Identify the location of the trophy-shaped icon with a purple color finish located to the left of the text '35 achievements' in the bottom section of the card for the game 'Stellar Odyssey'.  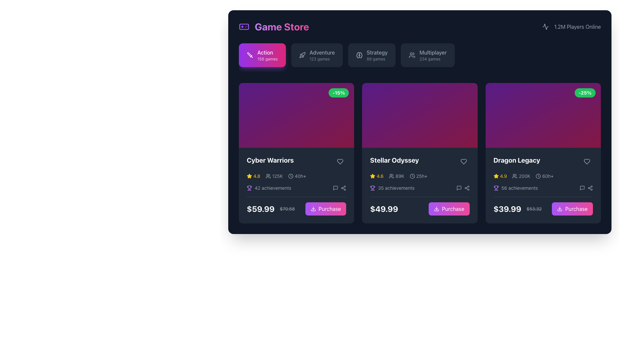
(373, 188).